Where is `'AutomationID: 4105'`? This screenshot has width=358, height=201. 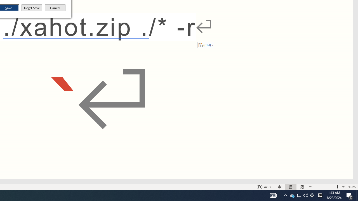
'AutomationID: 4105' is located at coordinates (273, 195).